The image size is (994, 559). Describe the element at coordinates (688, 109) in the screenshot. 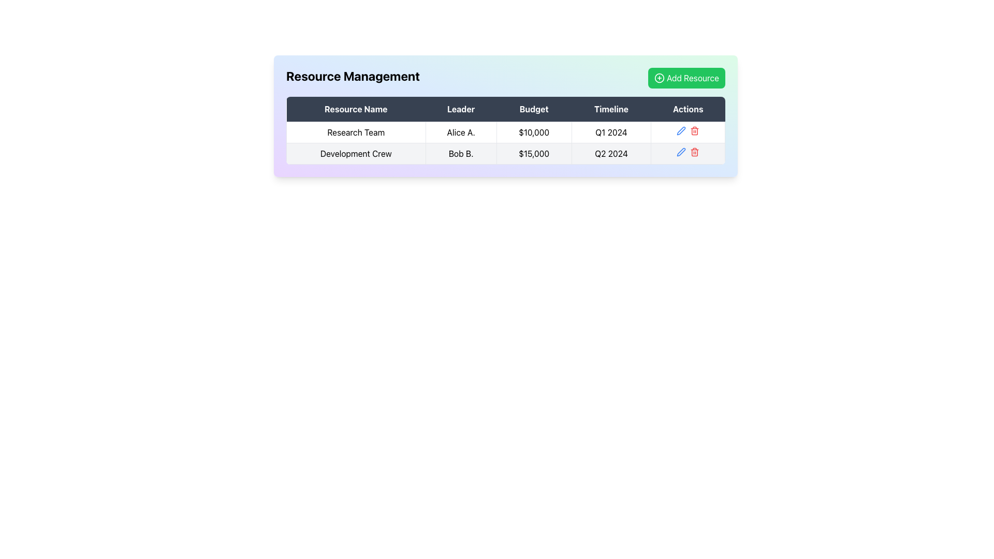

I see `the Table Header Cell labeled 'Actions', which is styled in bold white font against a dark background, located in the last column of the header row in the grid-like data table` at that location.